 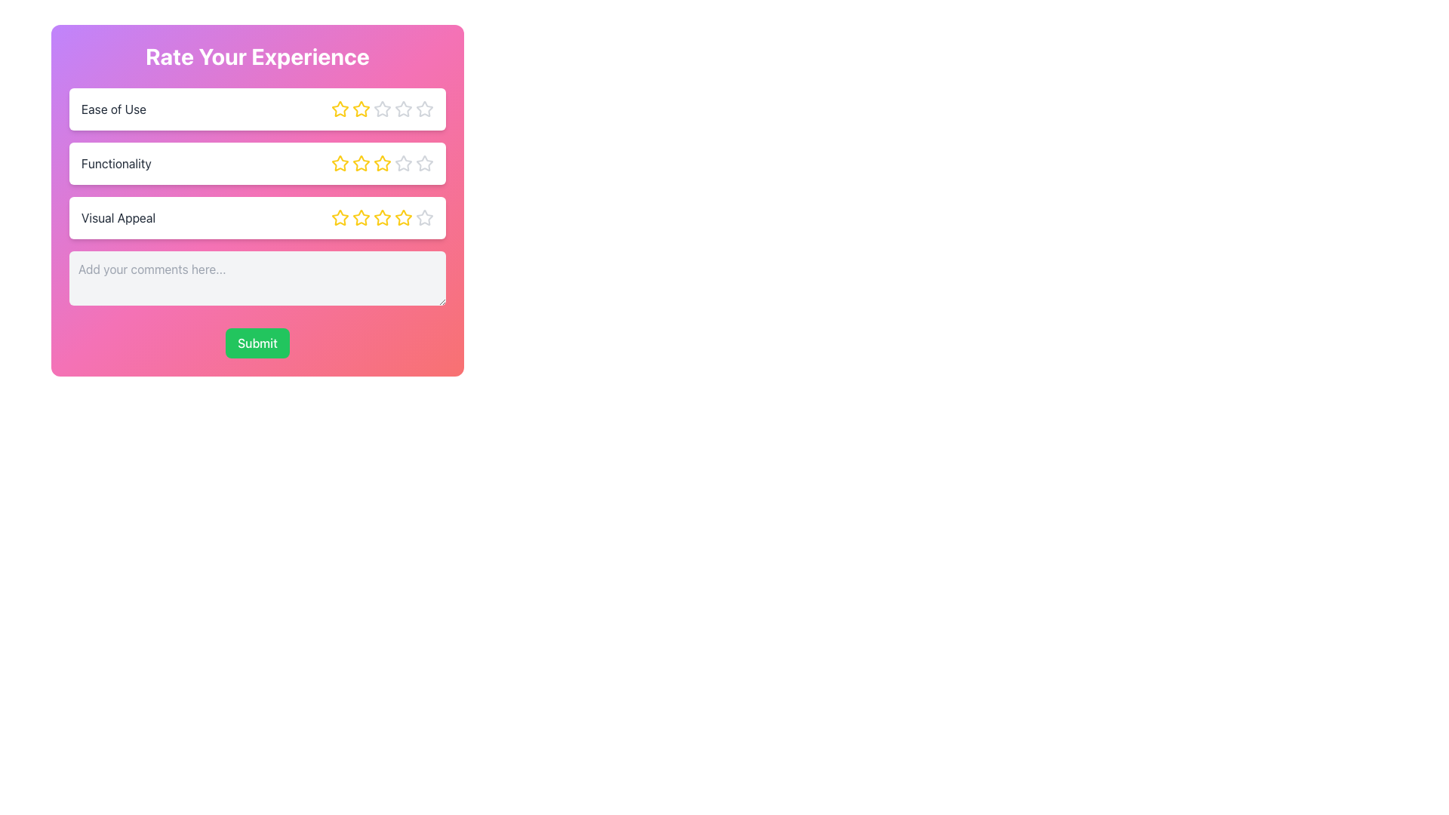 What do you see at coordinates (383, 108) in the screenshot?
I see `the fourth star icon in the Ease of Use rating section` at bounding box center [383, 108].